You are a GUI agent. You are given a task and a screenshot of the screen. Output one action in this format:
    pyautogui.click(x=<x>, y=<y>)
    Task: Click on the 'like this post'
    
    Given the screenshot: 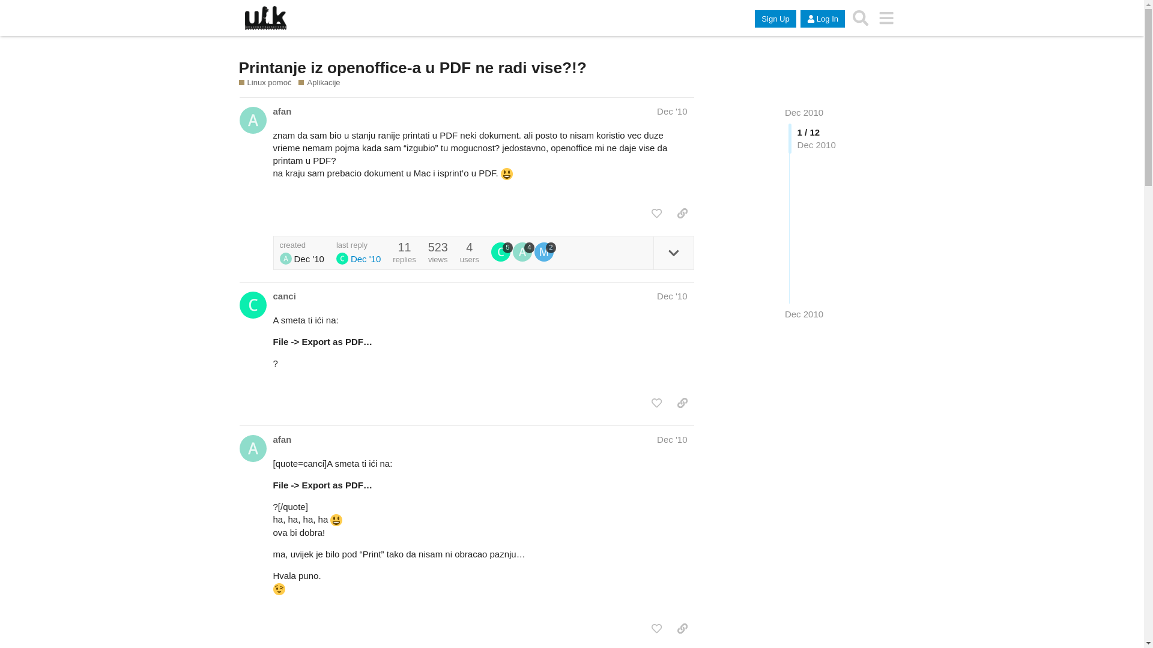 What is the action you would take?
    pyautogui.click(x=656, y=628)
    